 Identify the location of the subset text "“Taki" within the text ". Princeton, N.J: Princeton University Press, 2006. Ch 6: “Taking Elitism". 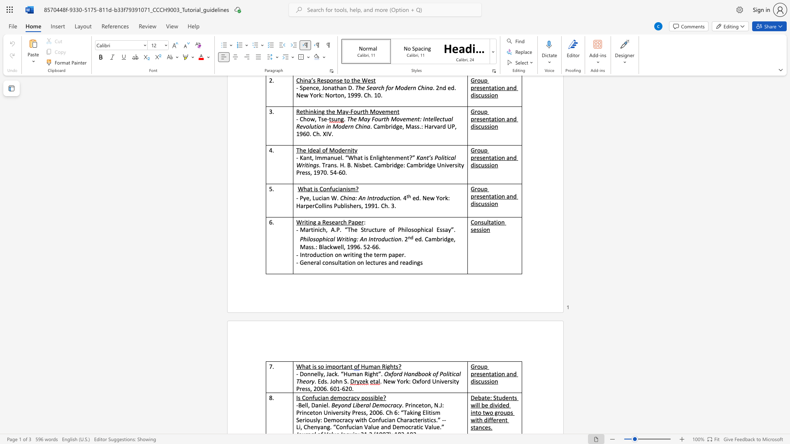
(401, 412).